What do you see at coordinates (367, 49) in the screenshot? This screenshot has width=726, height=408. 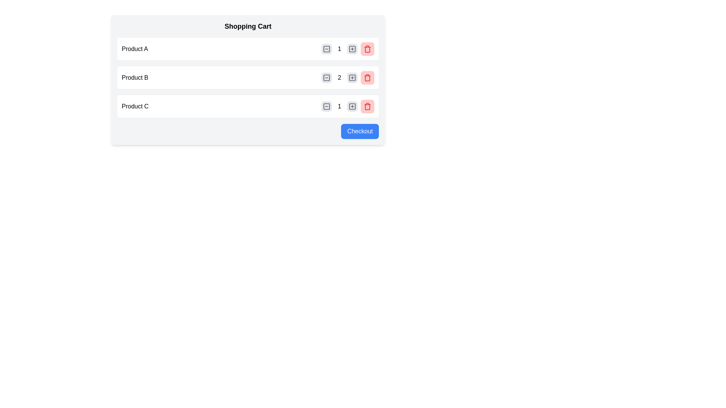 I see `the red IconButton located in the 'Product A' row of the shopping cart` at bounding box center [367, 49].